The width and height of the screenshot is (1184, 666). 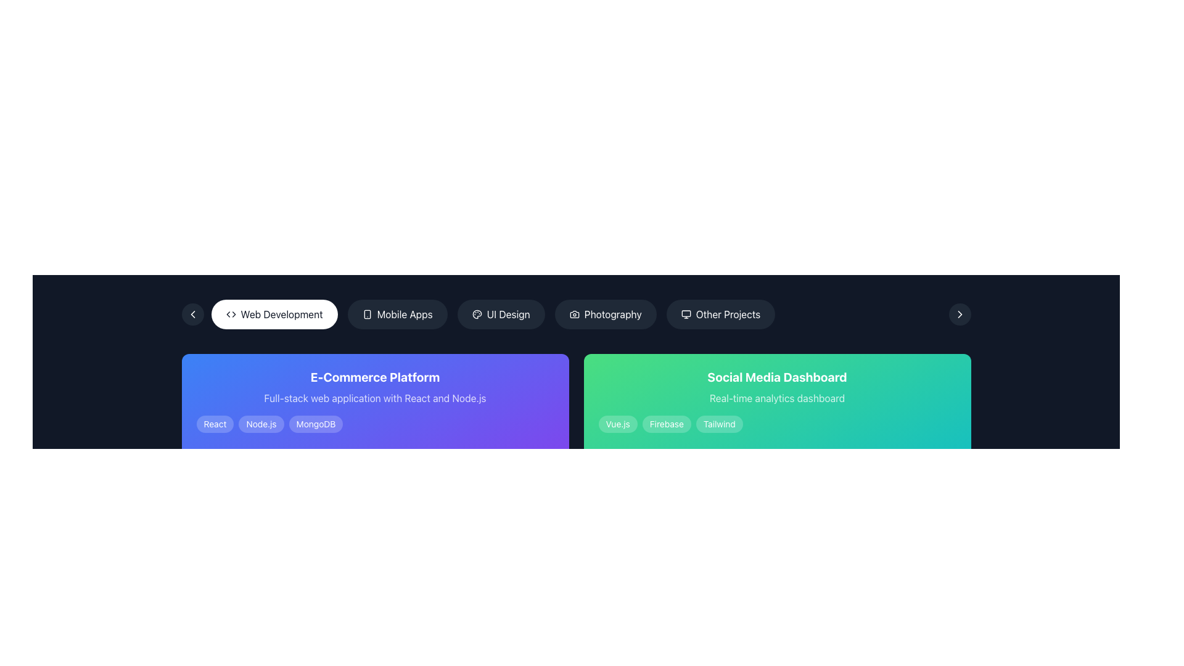 What do you see at coordinates (776, 401) in the screenshot?
I see `the static informational text labeled 'Social Media Dashboard' with a subtitle 'Real-time analytics dashboard' on a green gradient background, located in the second card of the project showcase list` at bounding box center [776, 401].